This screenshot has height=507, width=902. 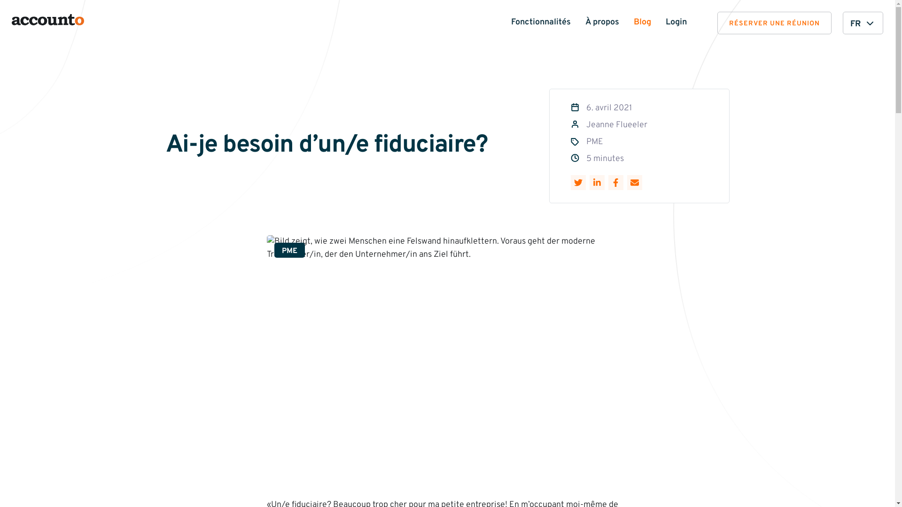 I want to click on 'Login', so click(x=676, y=22).